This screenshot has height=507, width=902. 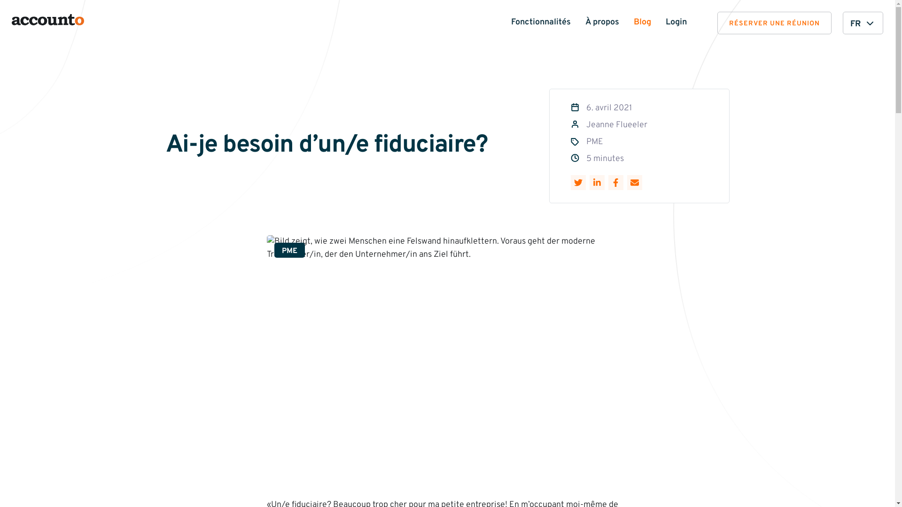 I want to click on 'Login', so click(x=676, y=22).